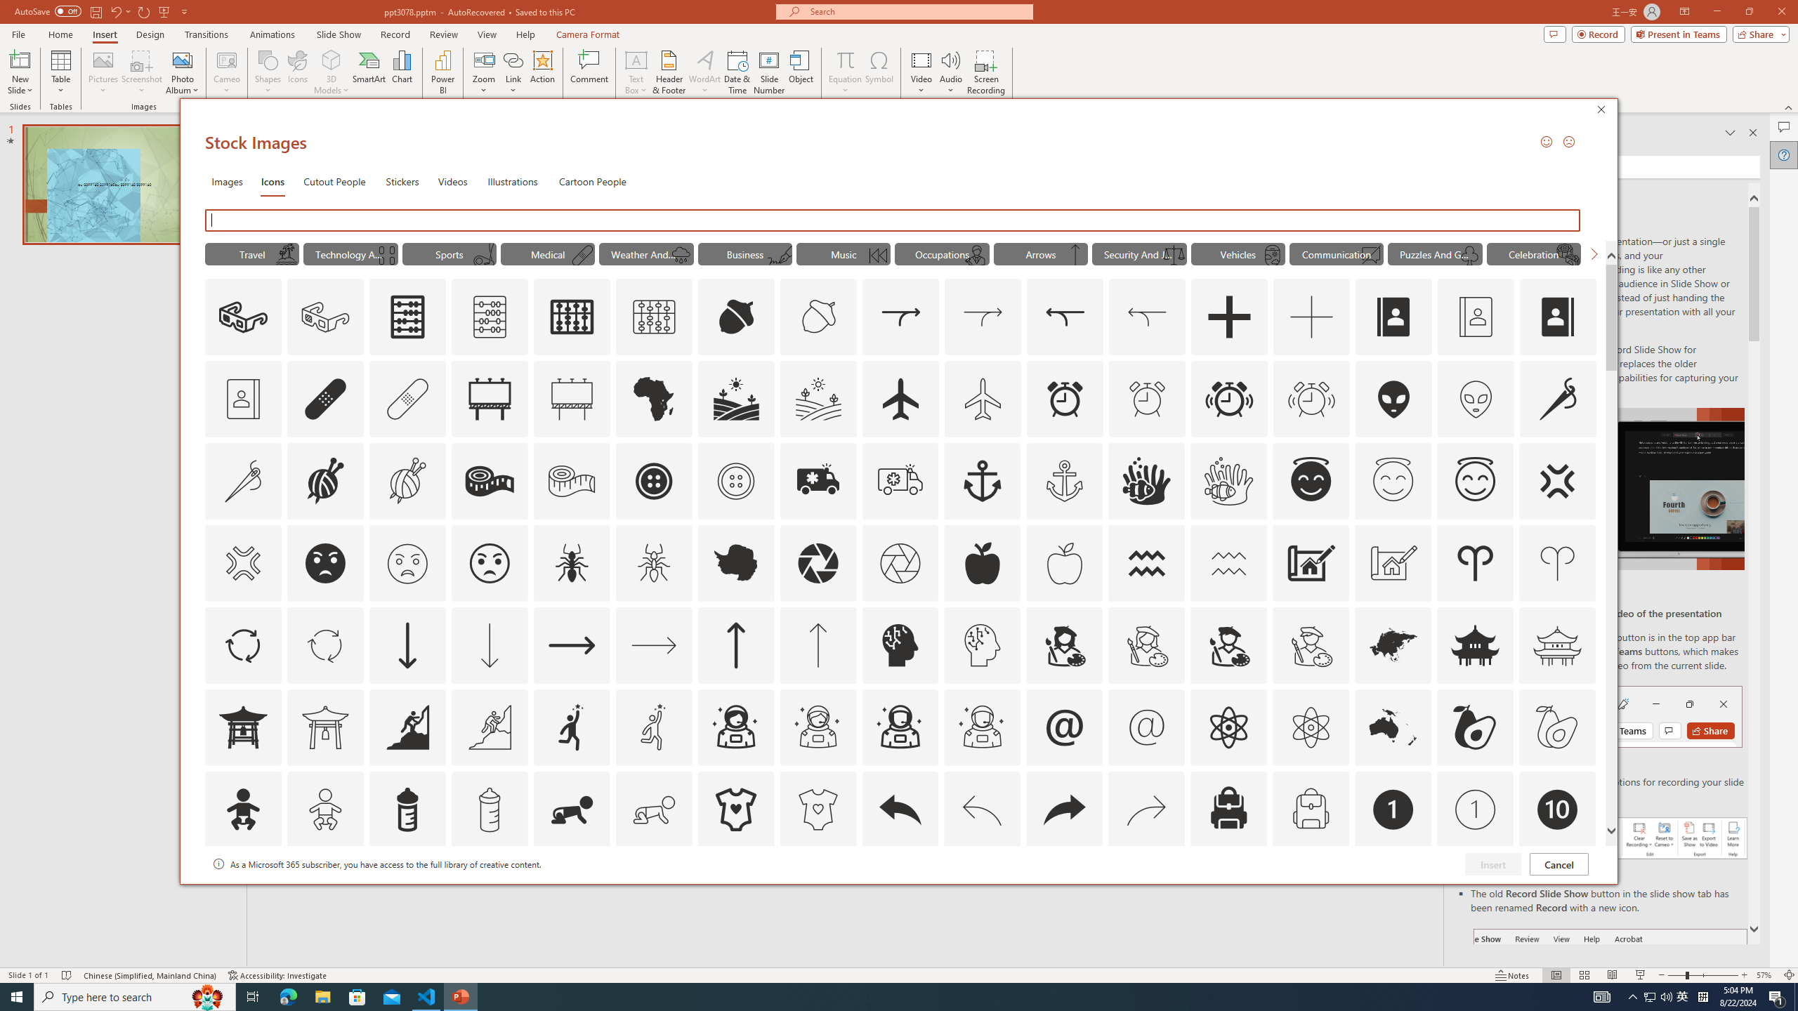 This screenshot has height=1011, width=1798. Describe the element at coordinates (653, 317) in the screenshot. I see `'AutomationID: Icons_Abacus1_M'` at that location.